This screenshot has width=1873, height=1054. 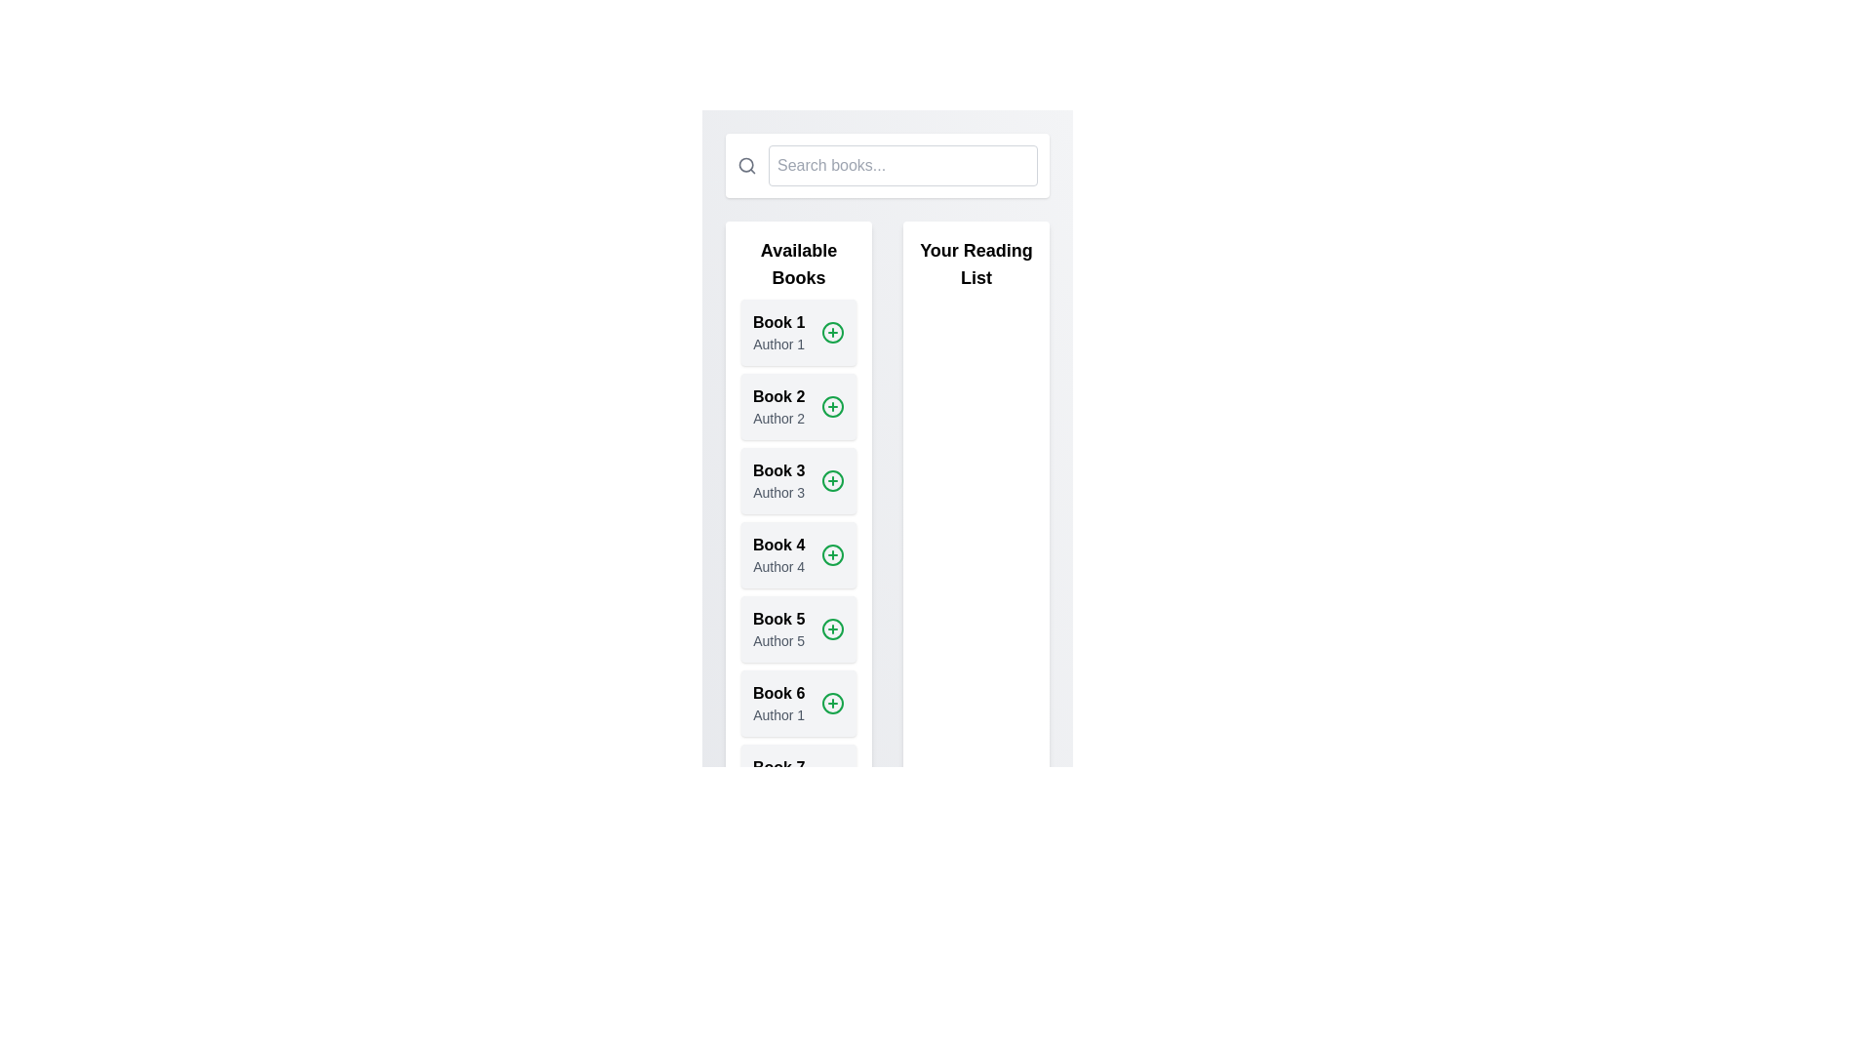 What do you see at coordinates (833, 555) in the screenshot?
I see `the button next to 'Book 4' under the 'Available Books' section` at bounding box center [833, 555].